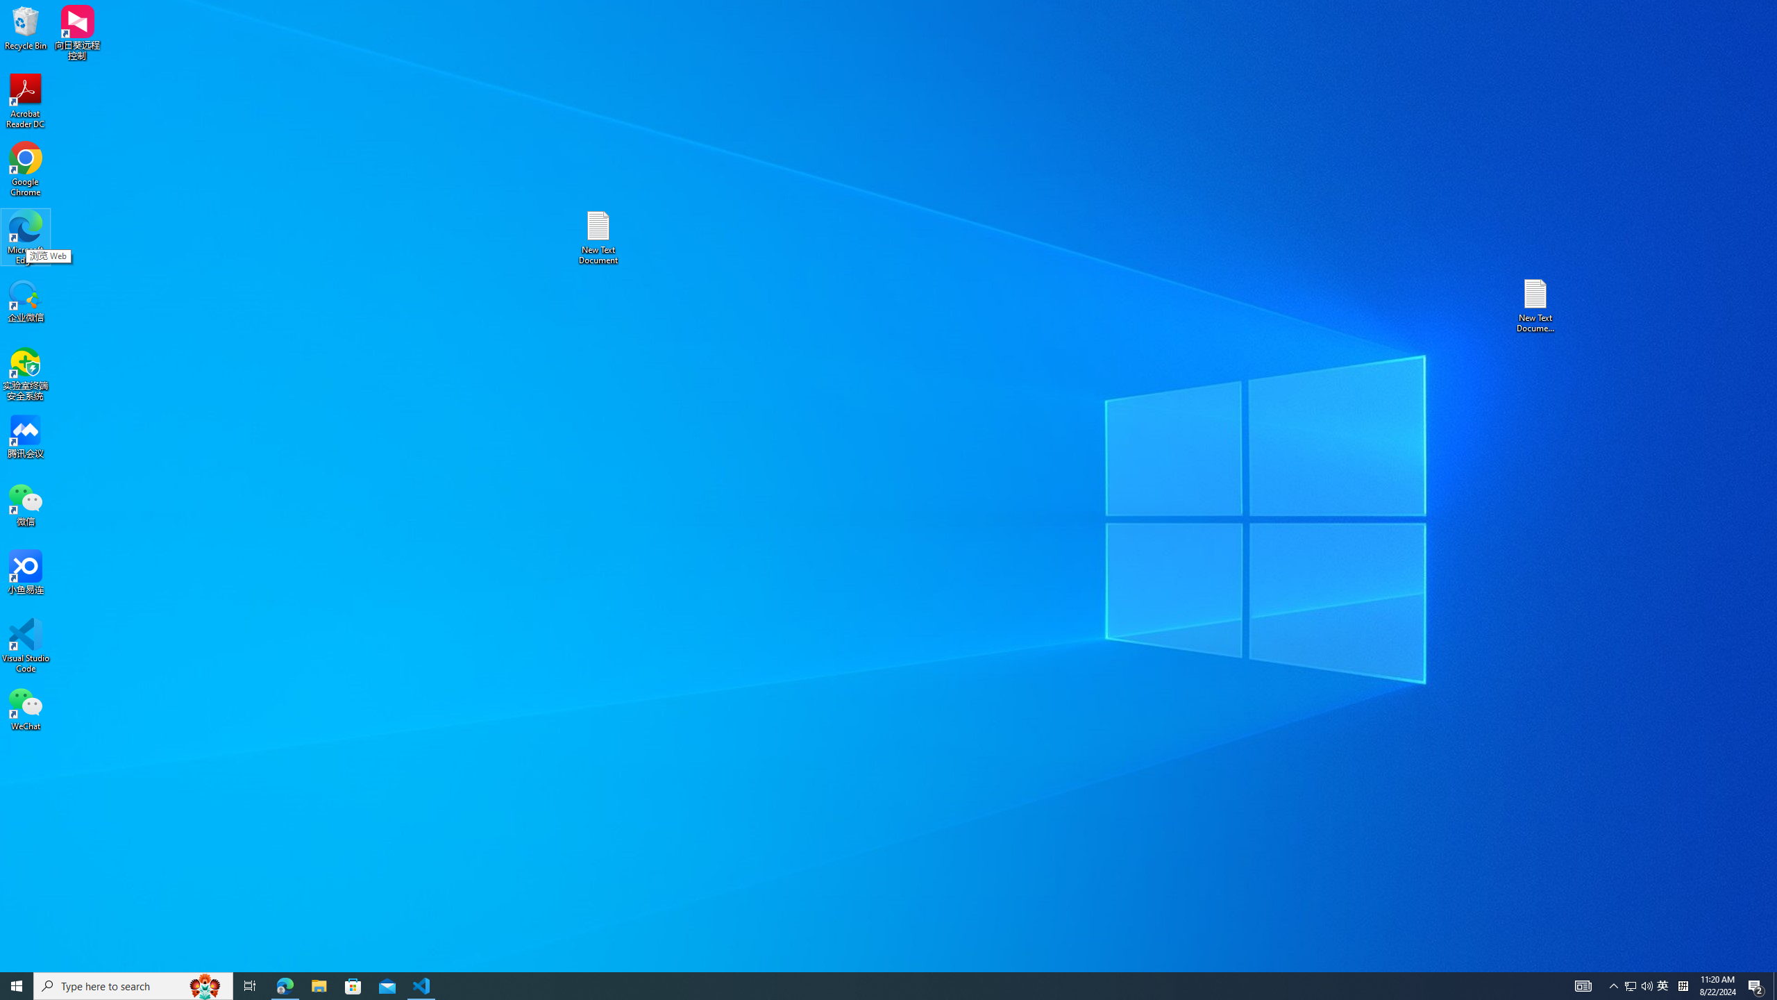 Image resolution: width=1777 pixels, height=1000 pixels. I want to click on 'Tray Input Indicator - Chinese (Simplified, China)', so click(1683, 985).